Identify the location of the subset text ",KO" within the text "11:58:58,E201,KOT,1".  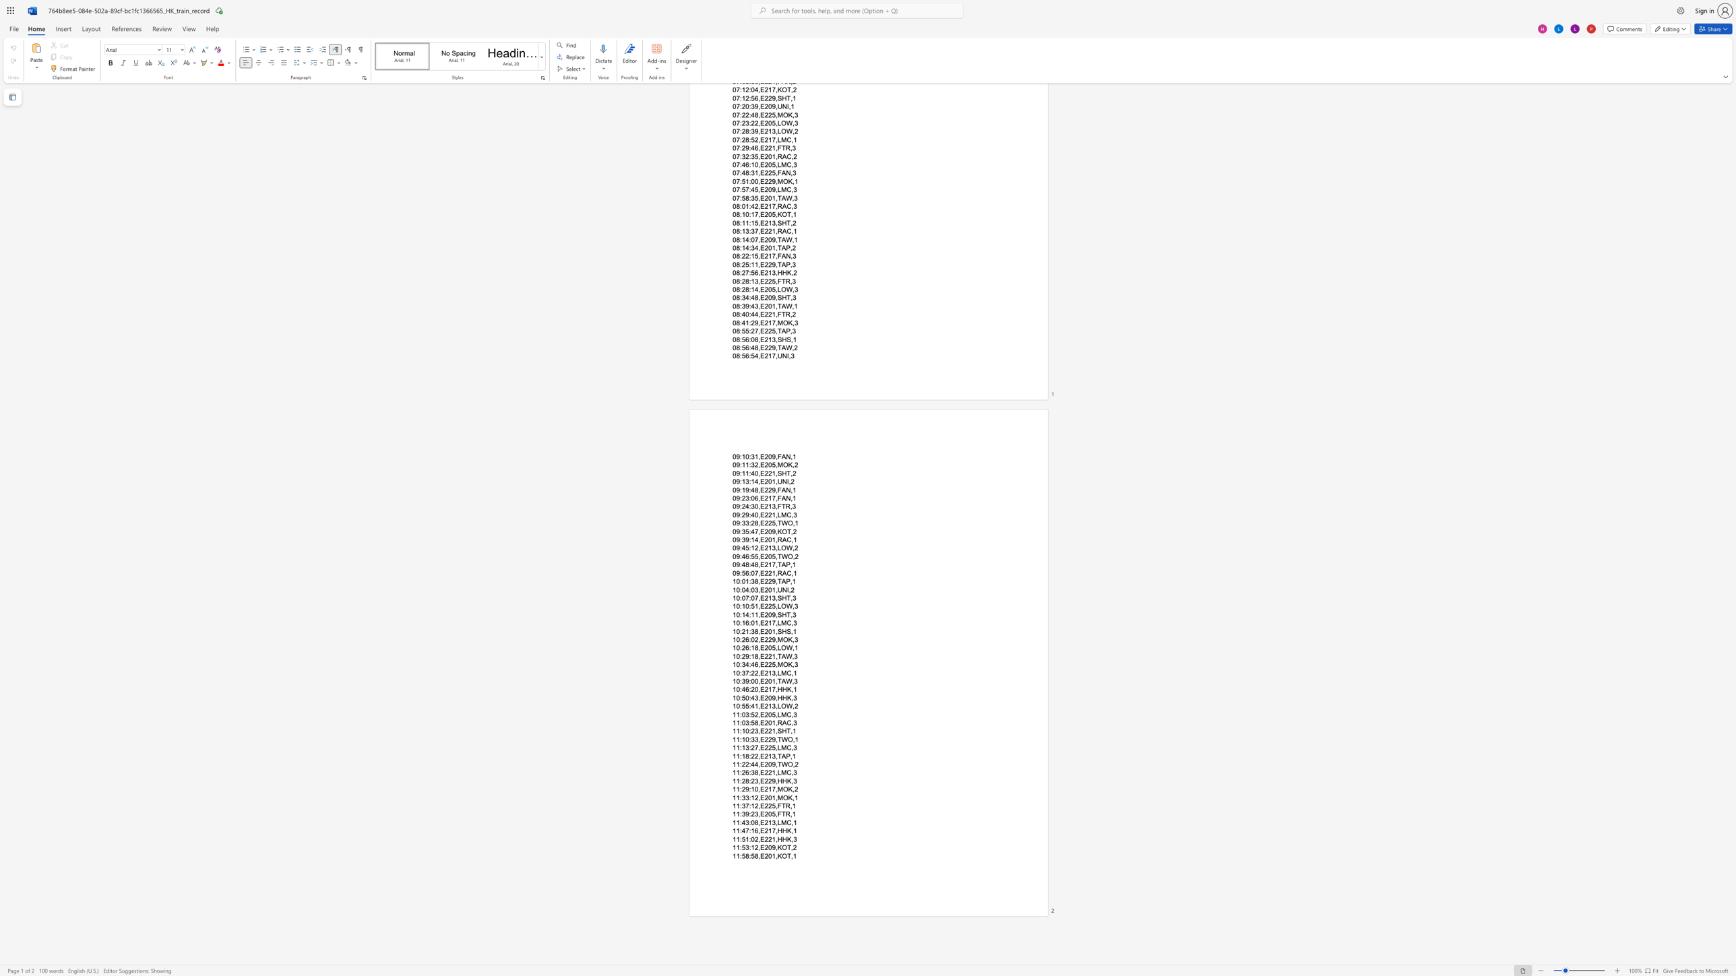
(774, 855).